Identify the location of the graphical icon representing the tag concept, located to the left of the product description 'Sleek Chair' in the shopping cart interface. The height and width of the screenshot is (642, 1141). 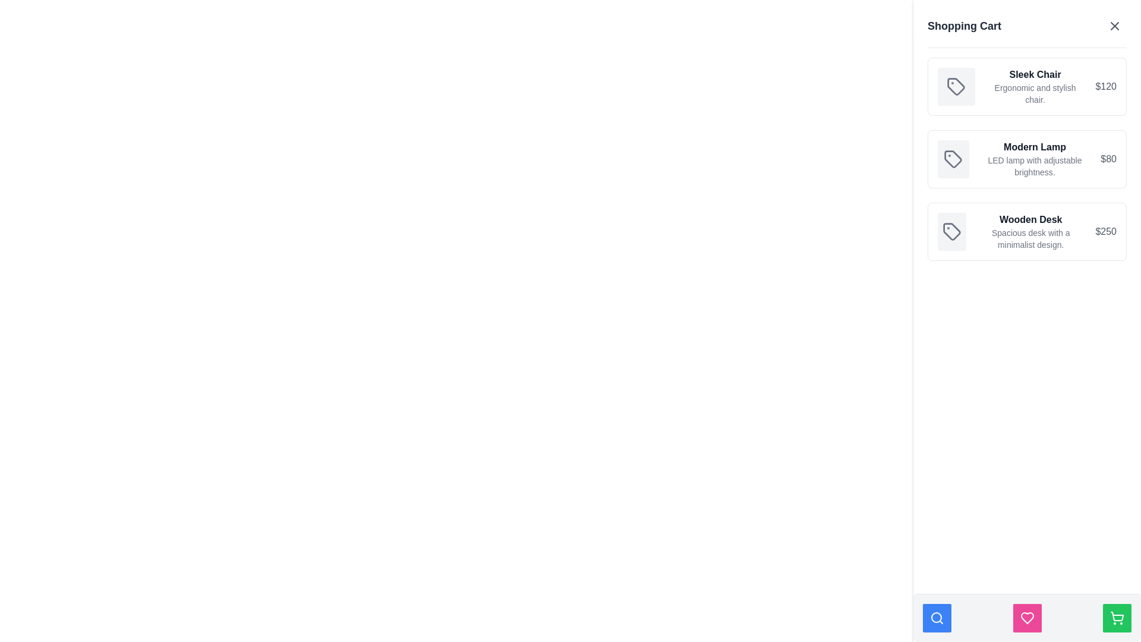
(956, 86).